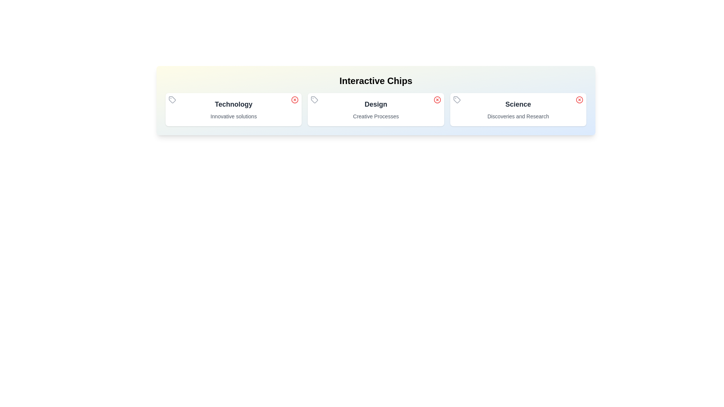  What do you see at coordinates (517, 109) in the screenshot?
I see `the chip labeled Science` at bounding box center [517, 109].